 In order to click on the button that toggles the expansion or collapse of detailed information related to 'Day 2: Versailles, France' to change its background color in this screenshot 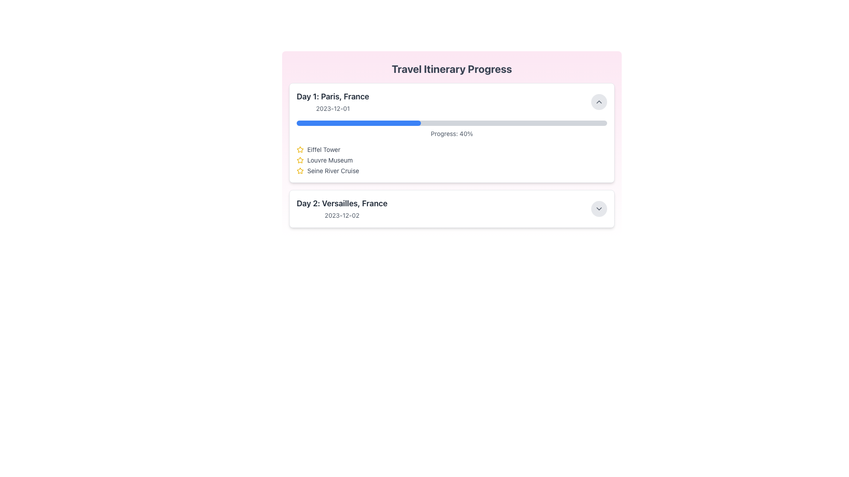, I will do `click(599, 209)`.